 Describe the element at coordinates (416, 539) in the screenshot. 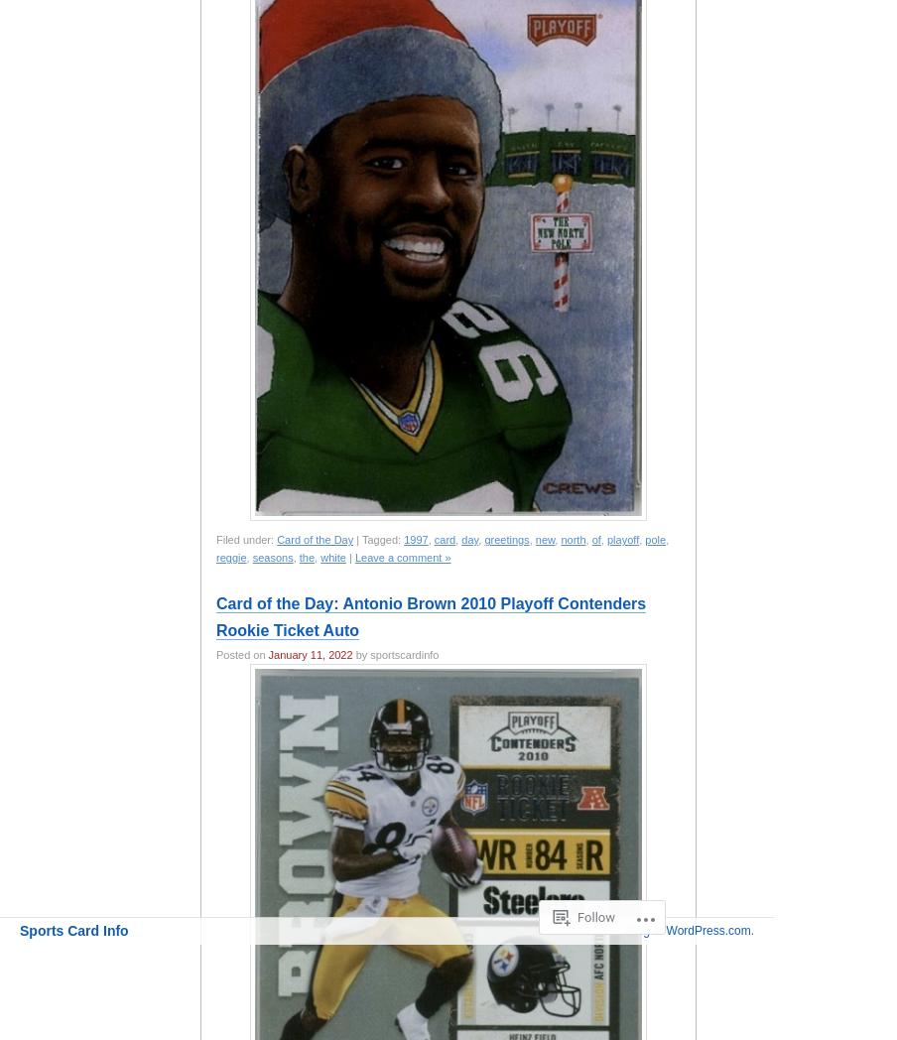

I see `'1997'` at that location.